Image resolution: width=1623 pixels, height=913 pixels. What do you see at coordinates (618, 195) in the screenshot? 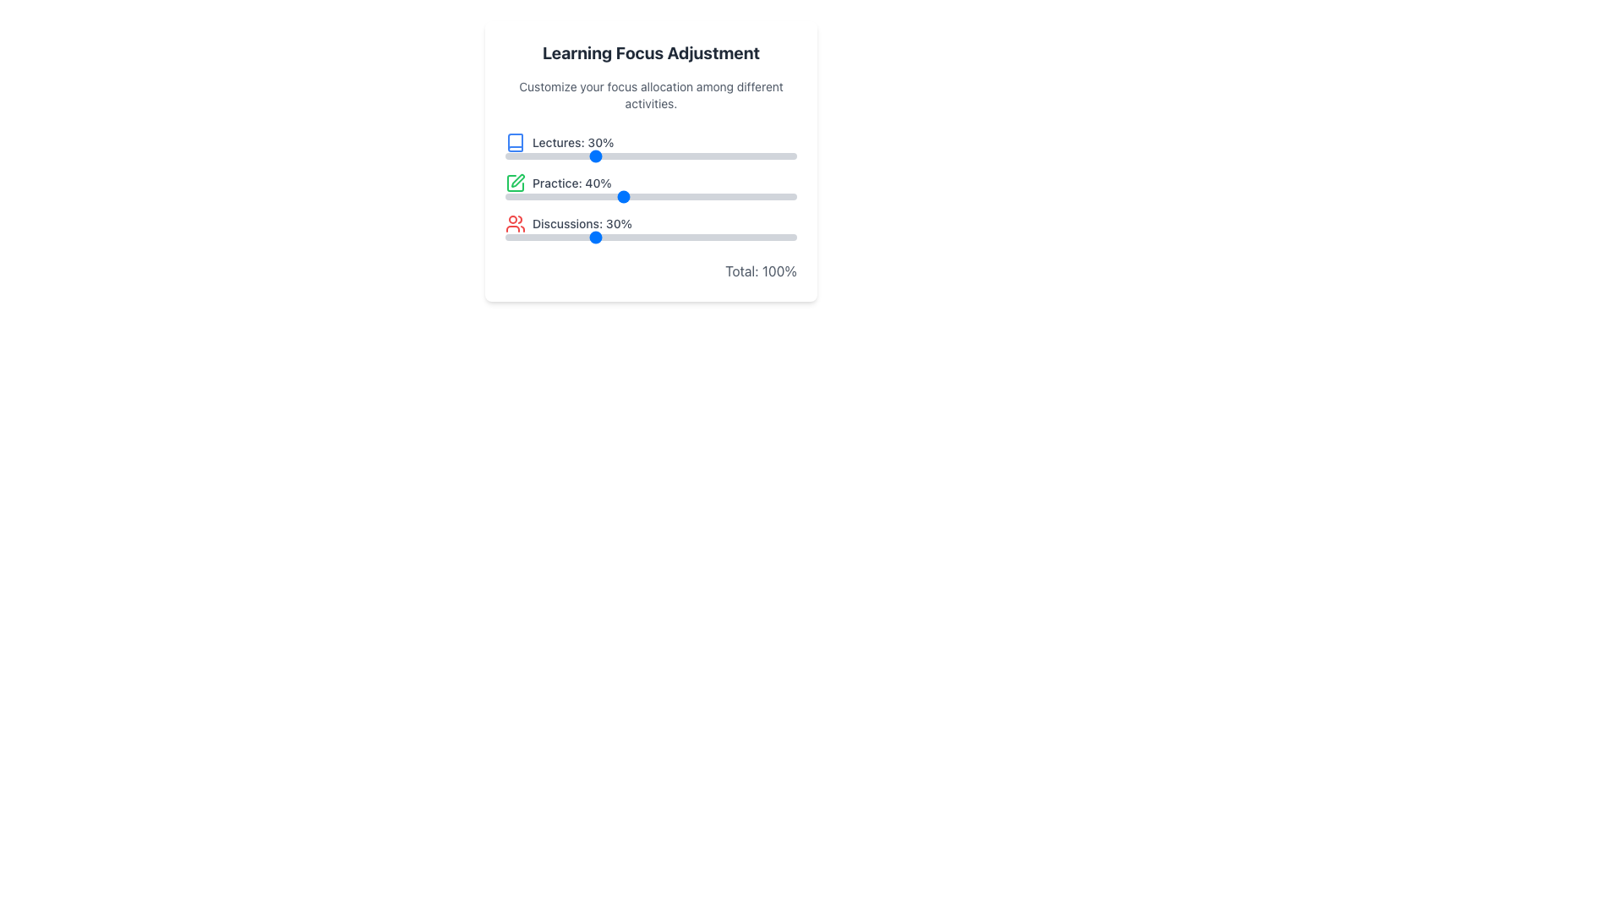
I see `the 'Practice' slider` at bounding box center [618, 195].